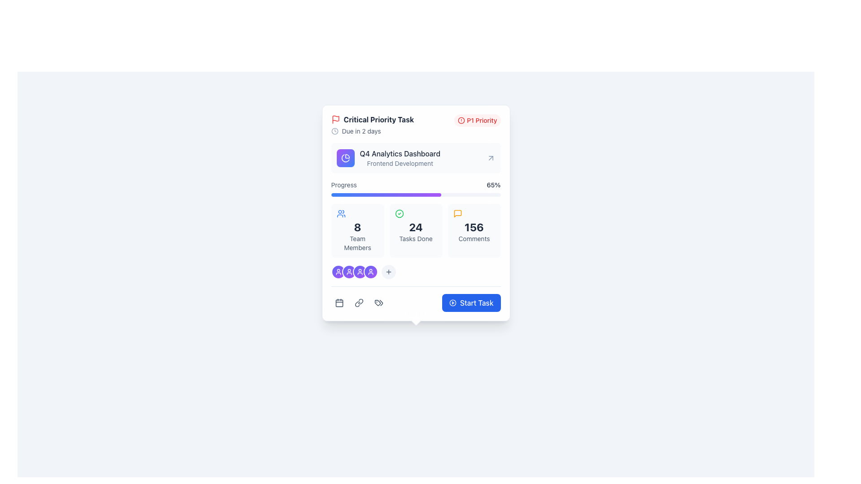 The height and width of the screenshot is (484, 861). What do you see at coordinates (457, 214) in the screenshot?
I see `the speech bubble icon with a thin orange outline, located to the left of the '156 Comments' text in the third grid item` at bounding box center [457, 214].